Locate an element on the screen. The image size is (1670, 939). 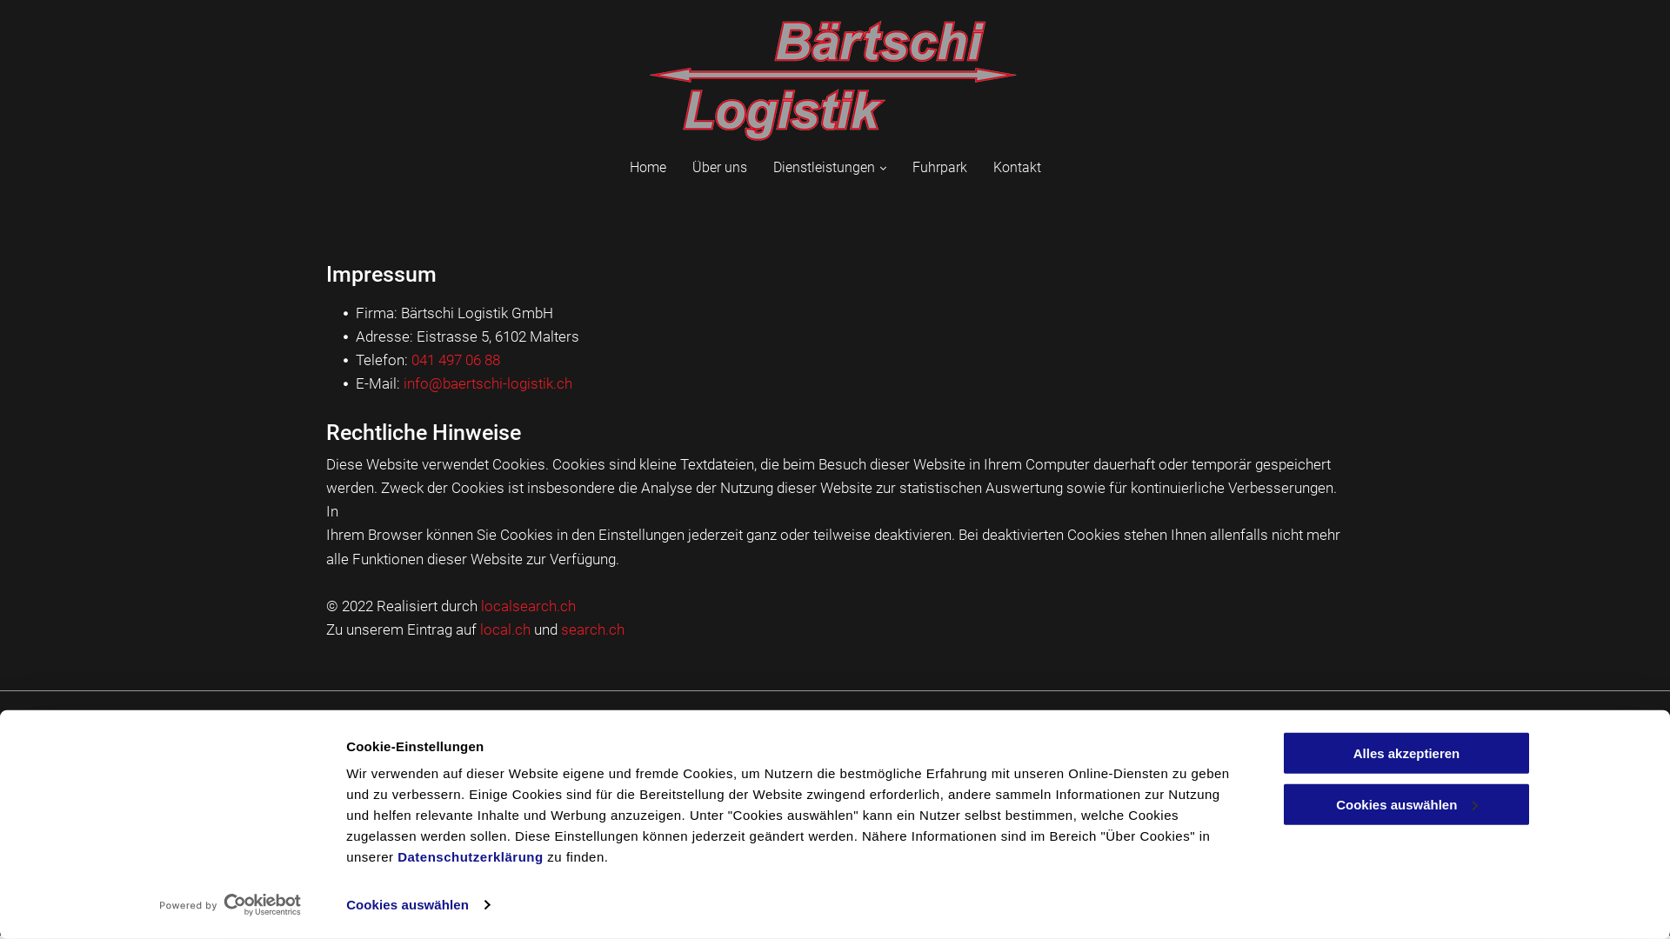
'Dienstleistungen' is located at coordinates (829, 167).